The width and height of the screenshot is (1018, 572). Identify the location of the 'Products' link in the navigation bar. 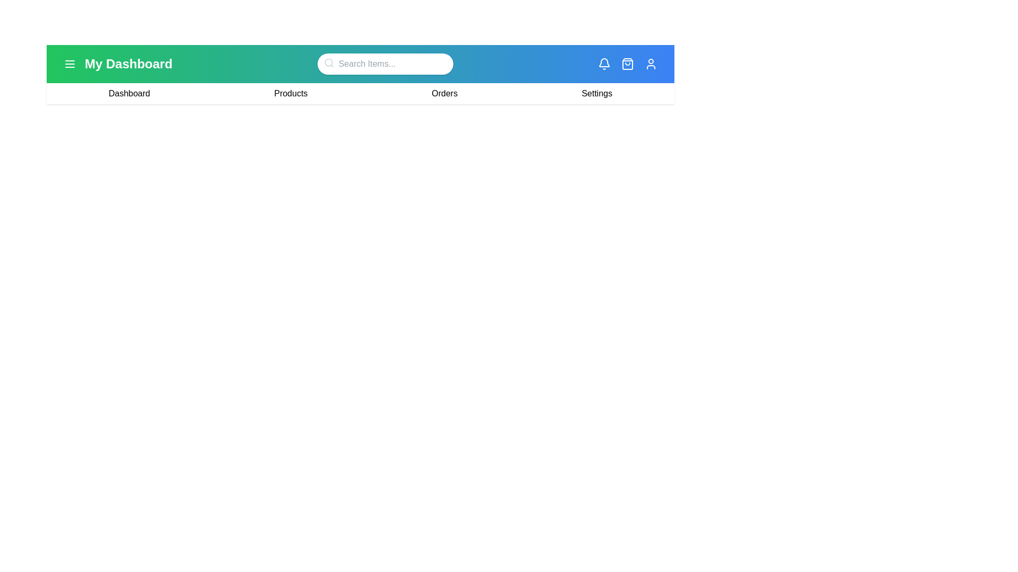
(290, 93).